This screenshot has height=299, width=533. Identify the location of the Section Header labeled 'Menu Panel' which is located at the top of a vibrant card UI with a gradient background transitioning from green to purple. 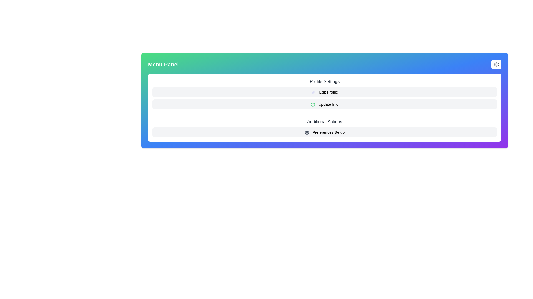
(325, 64).